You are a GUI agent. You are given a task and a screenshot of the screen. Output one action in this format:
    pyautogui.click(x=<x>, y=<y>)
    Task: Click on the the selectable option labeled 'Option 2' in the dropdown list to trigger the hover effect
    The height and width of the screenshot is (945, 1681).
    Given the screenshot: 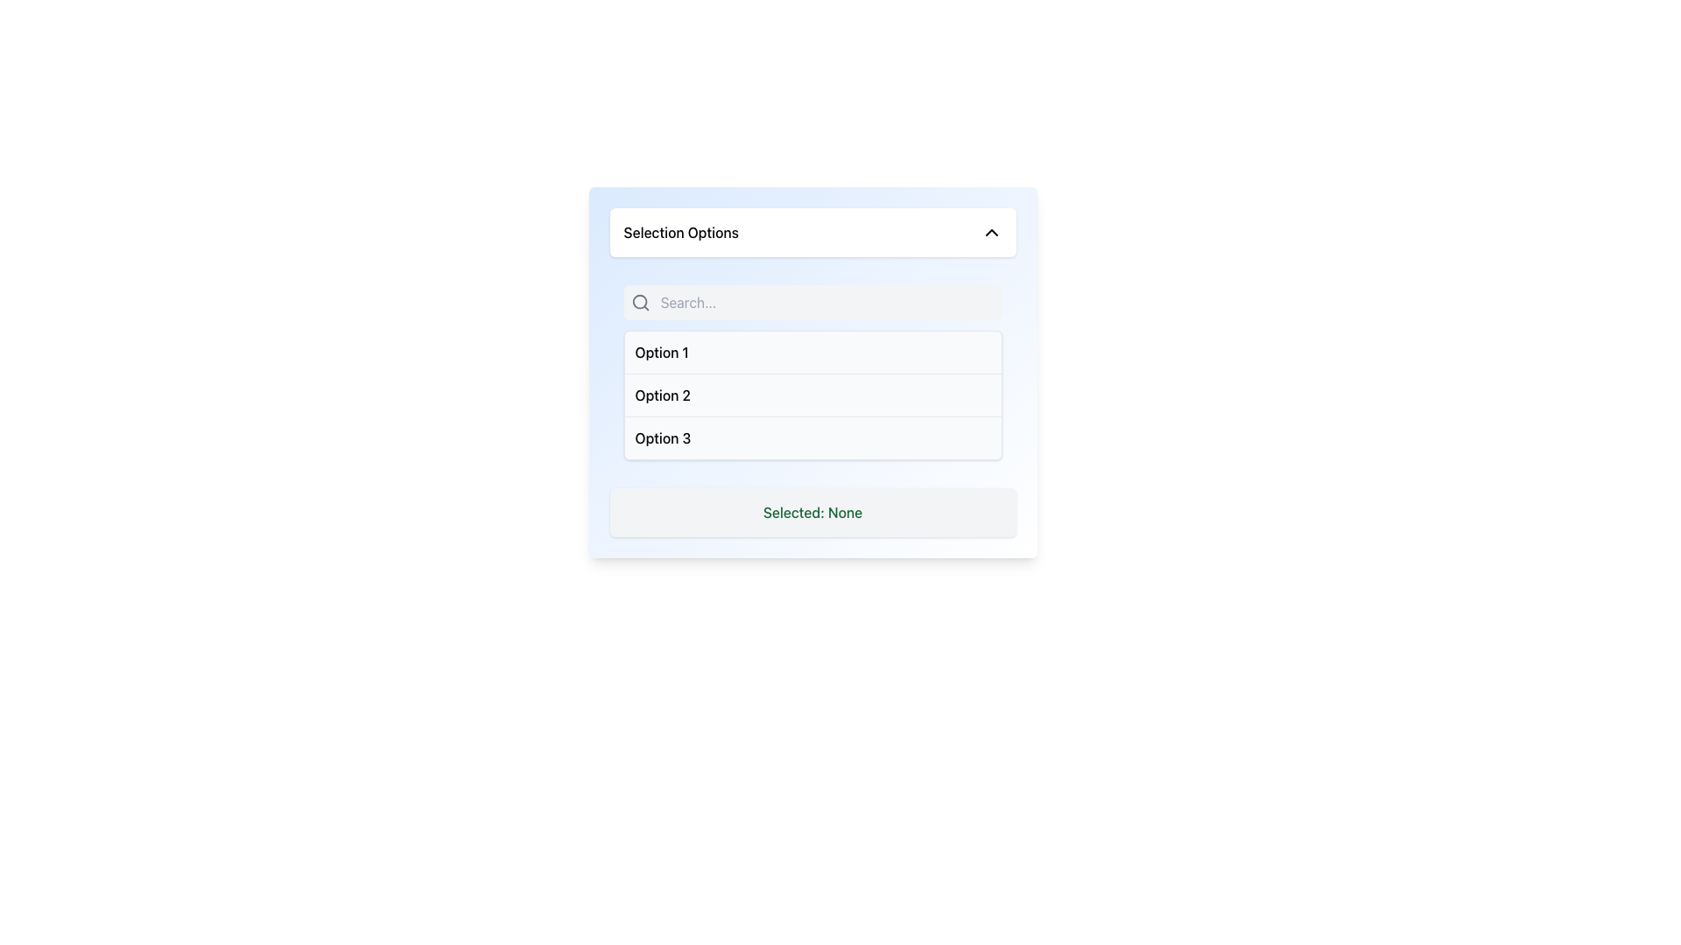 What is the action you would take?
    pyautogui.click(x=662, y=395)
    